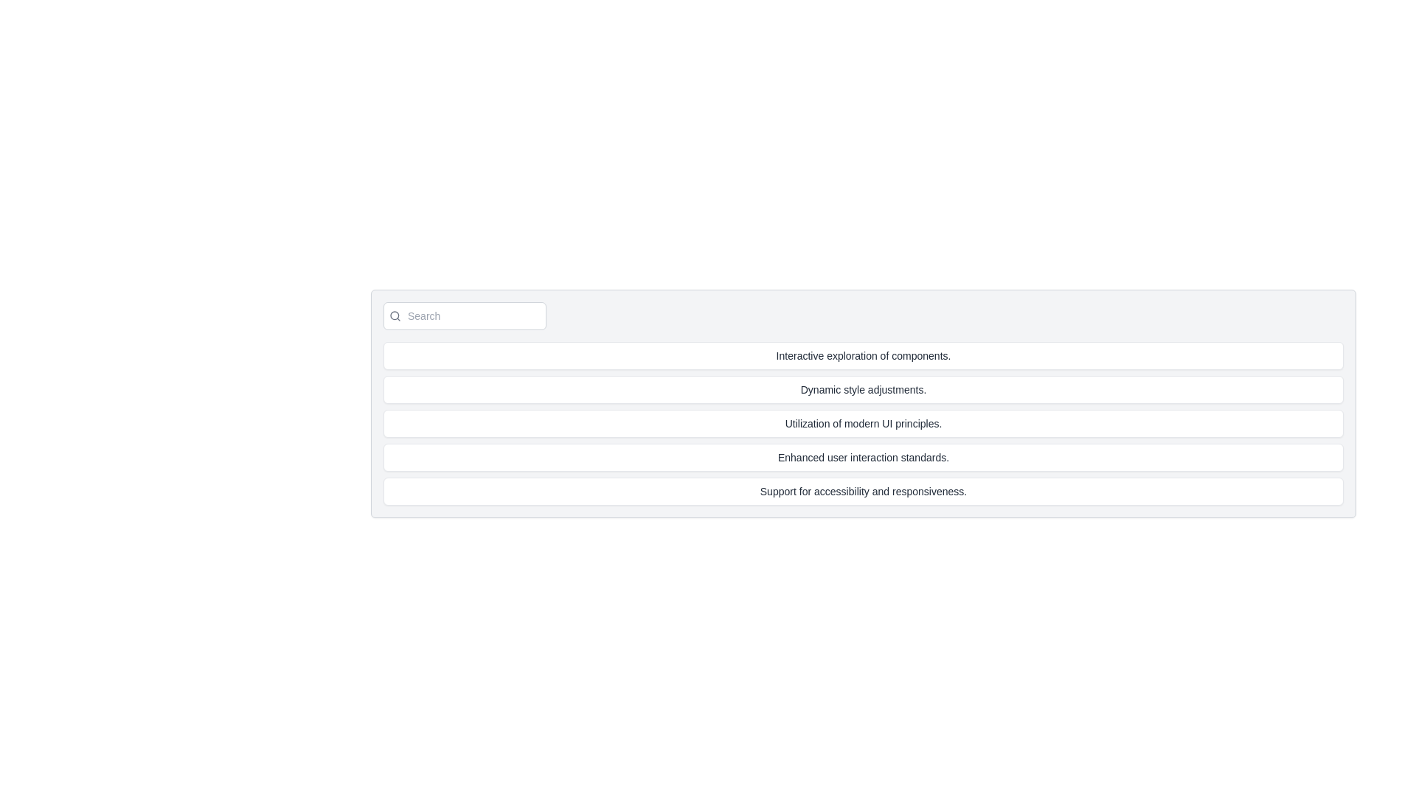 The height and width of the screenshot is (796, 1416). I want to click on the static text element represented by the lowercase letter 'e' in the phrase 'Enhanced user interaction standards.', so click(841, 457).